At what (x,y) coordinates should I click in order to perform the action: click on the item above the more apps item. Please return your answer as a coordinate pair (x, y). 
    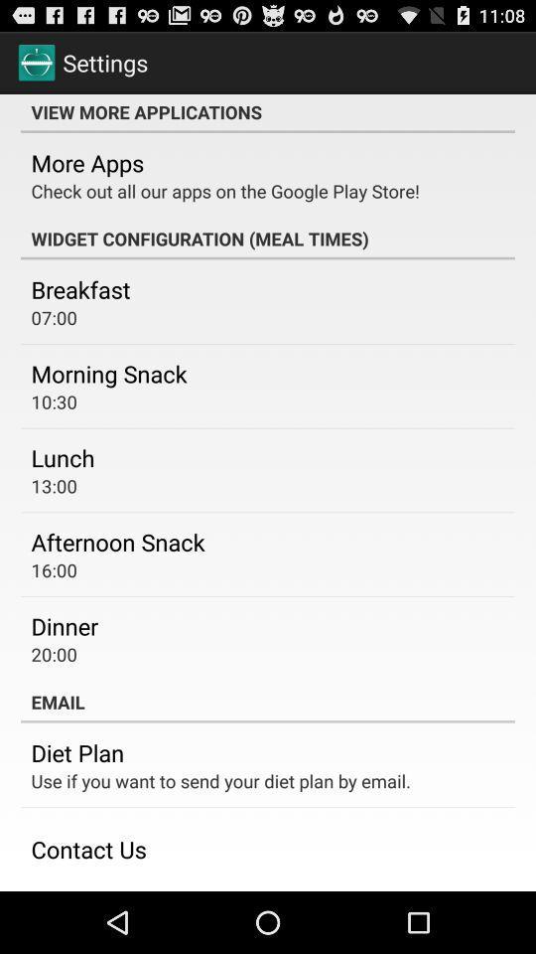
    Looking at the image, I should click on (268, 112).